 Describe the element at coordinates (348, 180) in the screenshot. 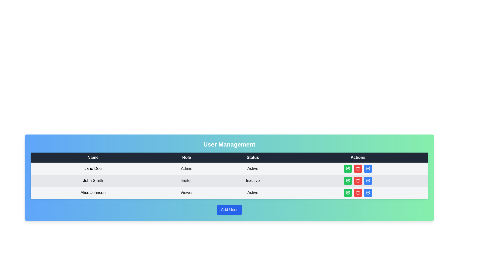

I see `the 'edit' action icon located in the 'Actions' column of the second row in the User Management section to initiate editing` at that location.